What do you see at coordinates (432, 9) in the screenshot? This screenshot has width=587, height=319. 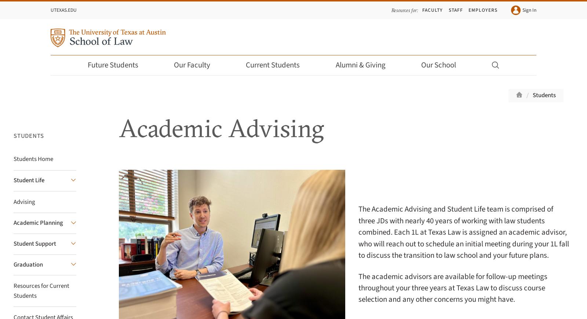 I see `'Faculty'` at bounding box center [432, 9].